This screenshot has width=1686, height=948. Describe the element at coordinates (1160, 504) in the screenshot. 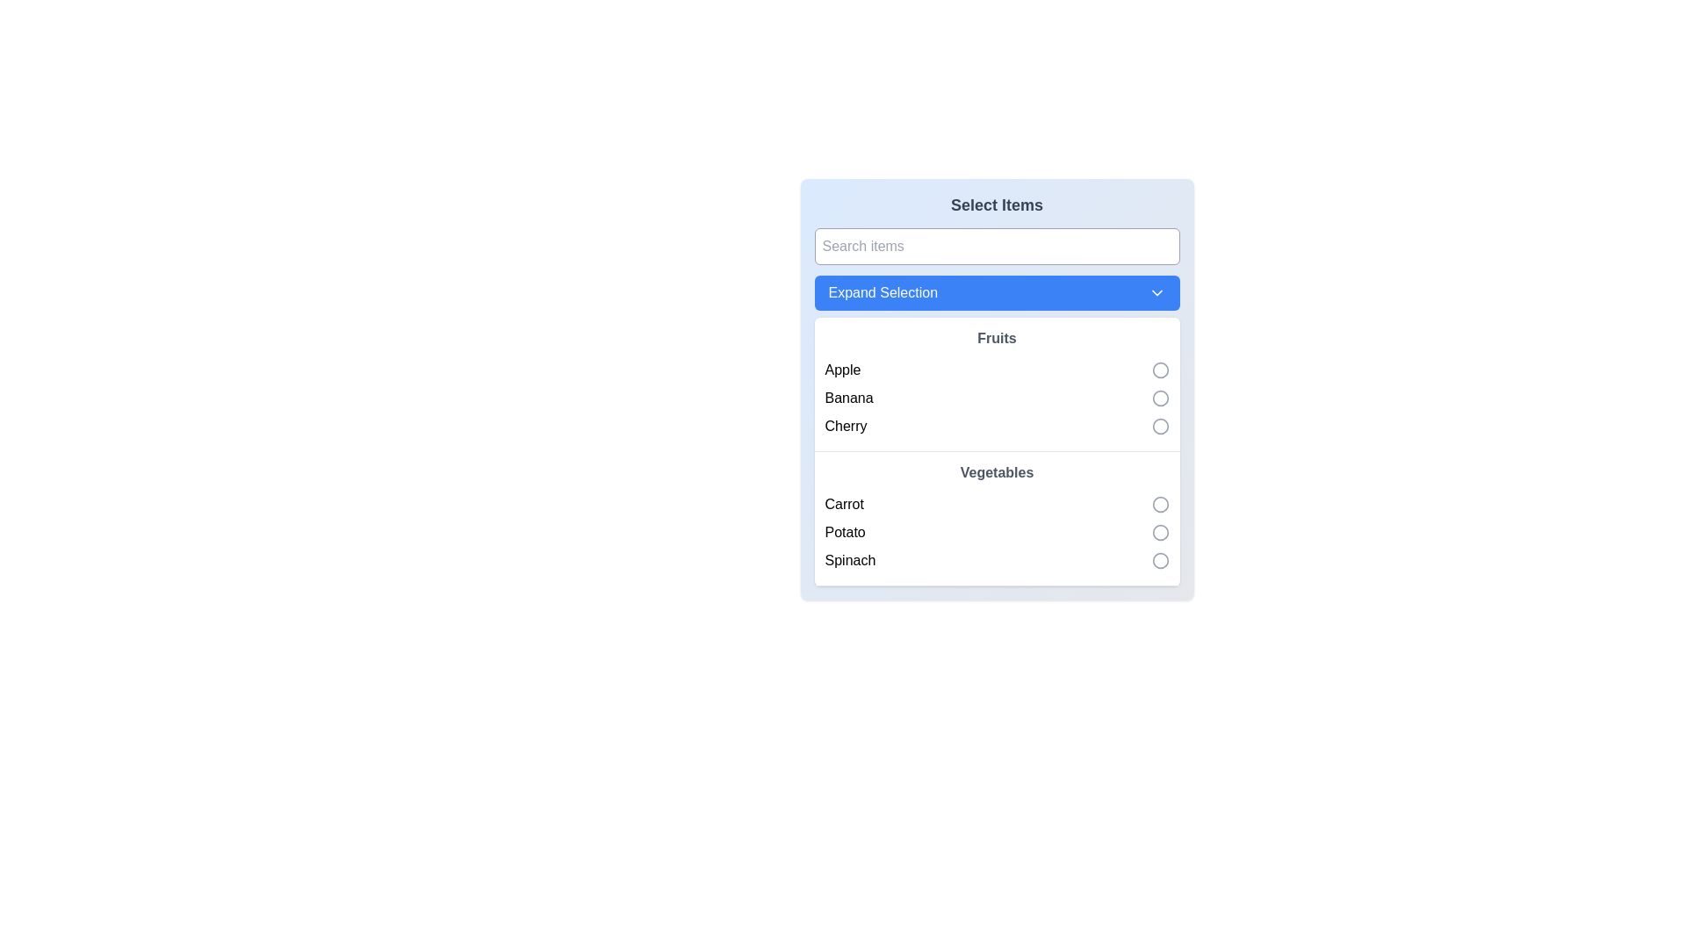

I see `the radio button for selecting the 'Carrot' option in the 'Vegetables' section of the structured selection interface` at that location.